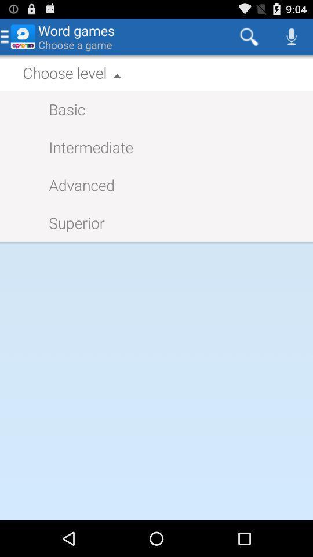  Describe the element at coordinates (76, 185) in the screenshot. I see `advanced app` at that location.